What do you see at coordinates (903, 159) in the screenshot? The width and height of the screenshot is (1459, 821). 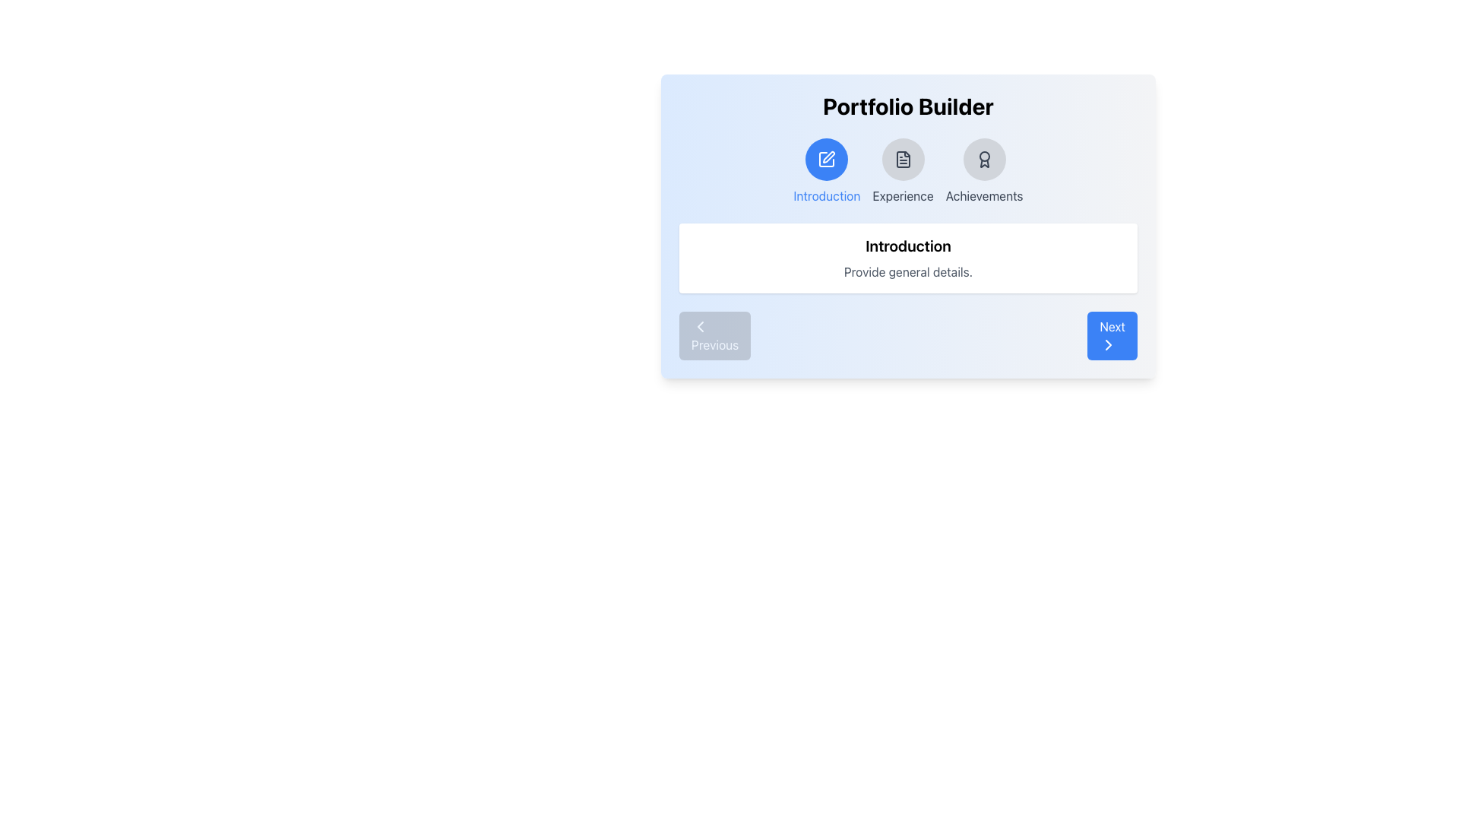 I see `the second circular button labeled 'Experience' with a light gray background and a file icon` at bounding box center [903, 159].